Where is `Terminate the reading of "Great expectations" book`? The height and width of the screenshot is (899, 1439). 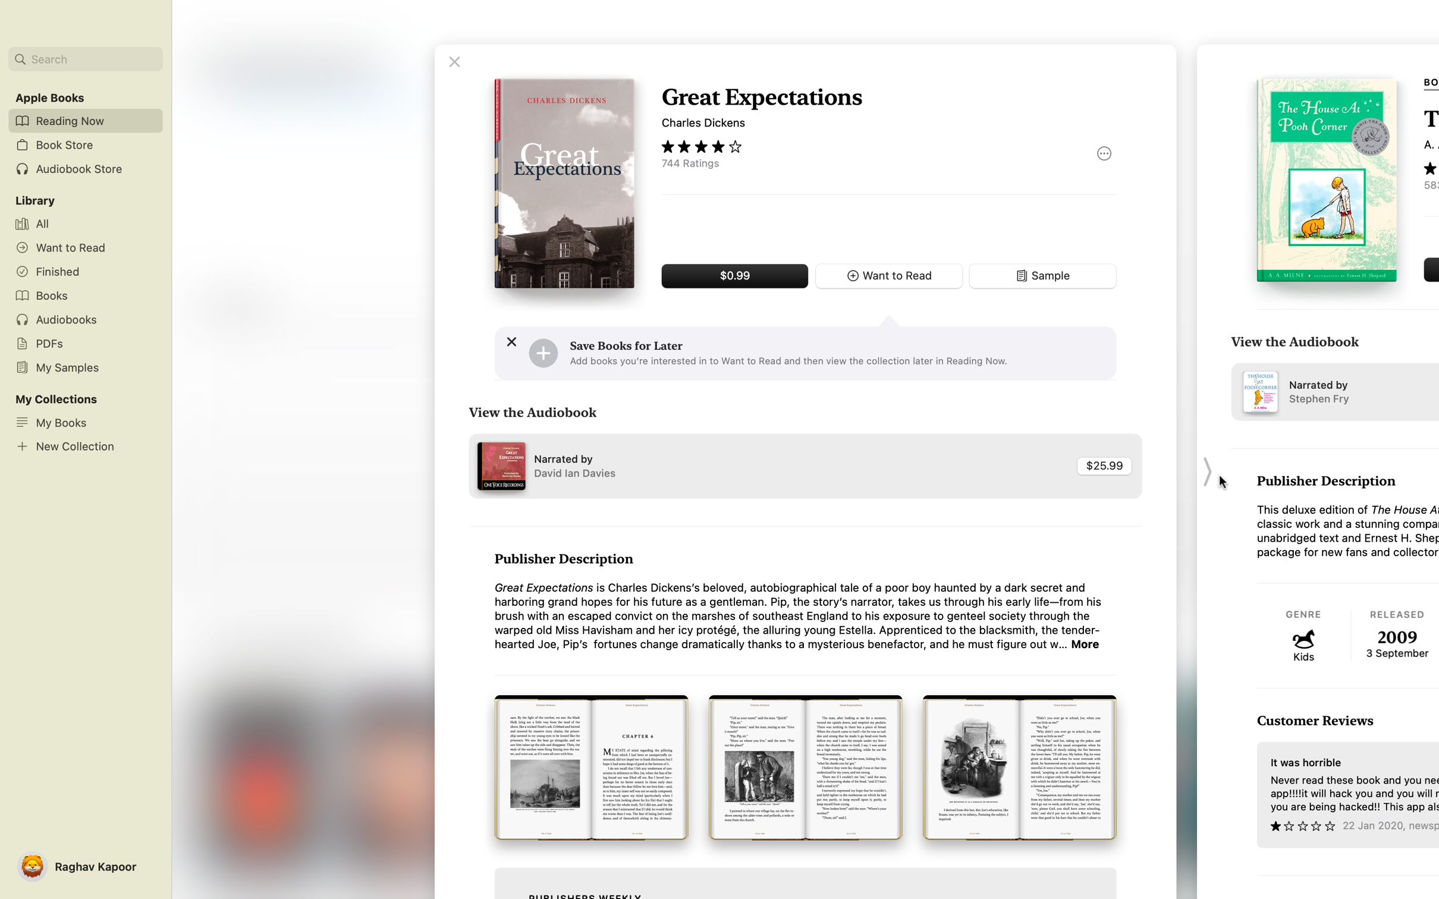
Terminate the reading of "Great expectations" book is located at coordinates (454, 61).